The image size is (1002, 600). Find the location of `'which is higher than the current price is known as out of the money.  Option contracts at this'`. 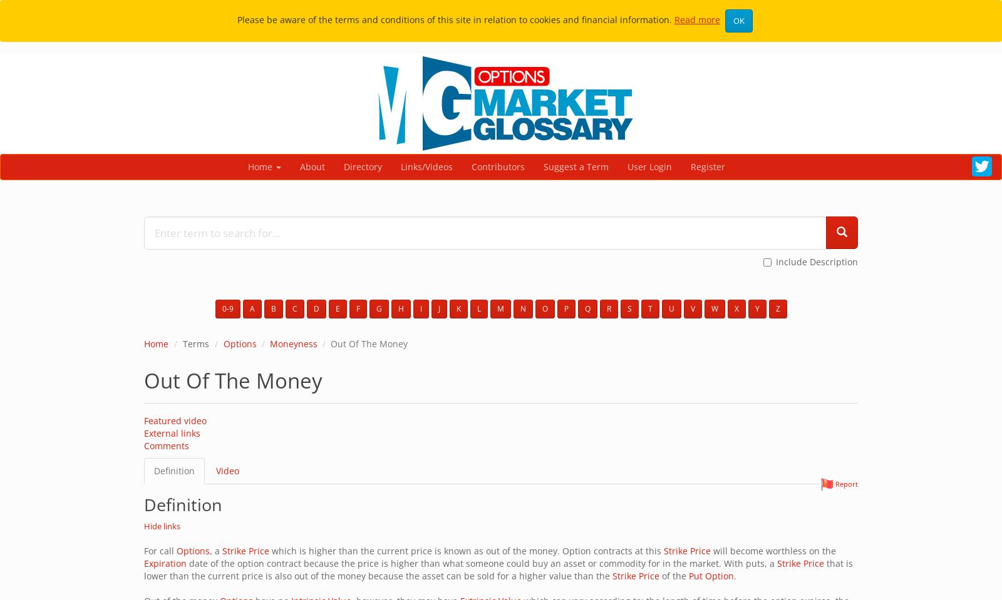

'which is higher than the current price is known as out of the money.  Option contracts at this' is located at coordinates (466, 549).